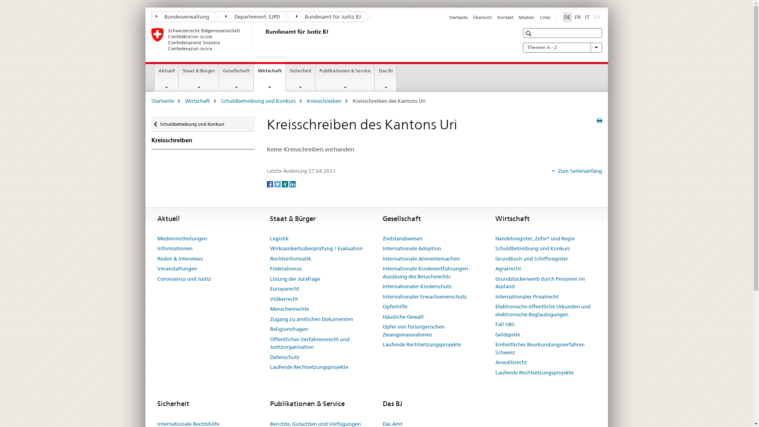  Describe the element at coordinates (219, 77) in the screenshot. I see `'Gesellschaft'` at that location.